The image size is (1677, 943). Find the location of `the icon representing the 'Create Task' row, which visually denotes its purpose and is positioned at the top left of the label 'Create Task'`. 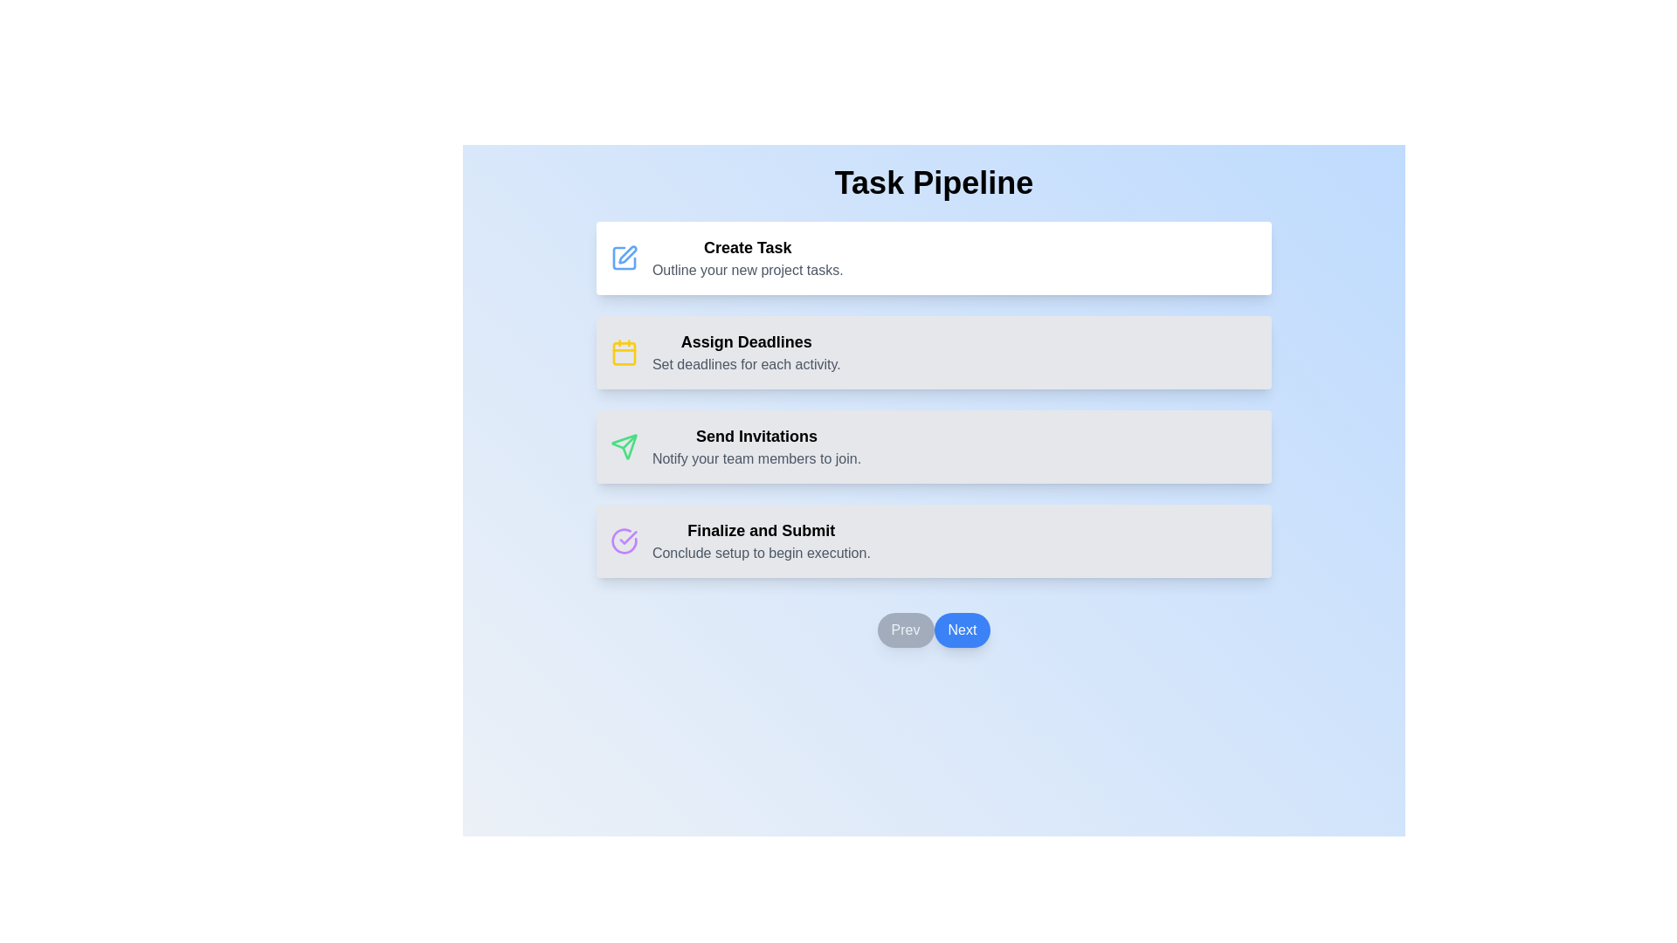

the icon representing the 'Create Task' row, which visually denotes its purpose and is positioned at the top left of the label 'Create Task' is located at coordinates (624, 258).